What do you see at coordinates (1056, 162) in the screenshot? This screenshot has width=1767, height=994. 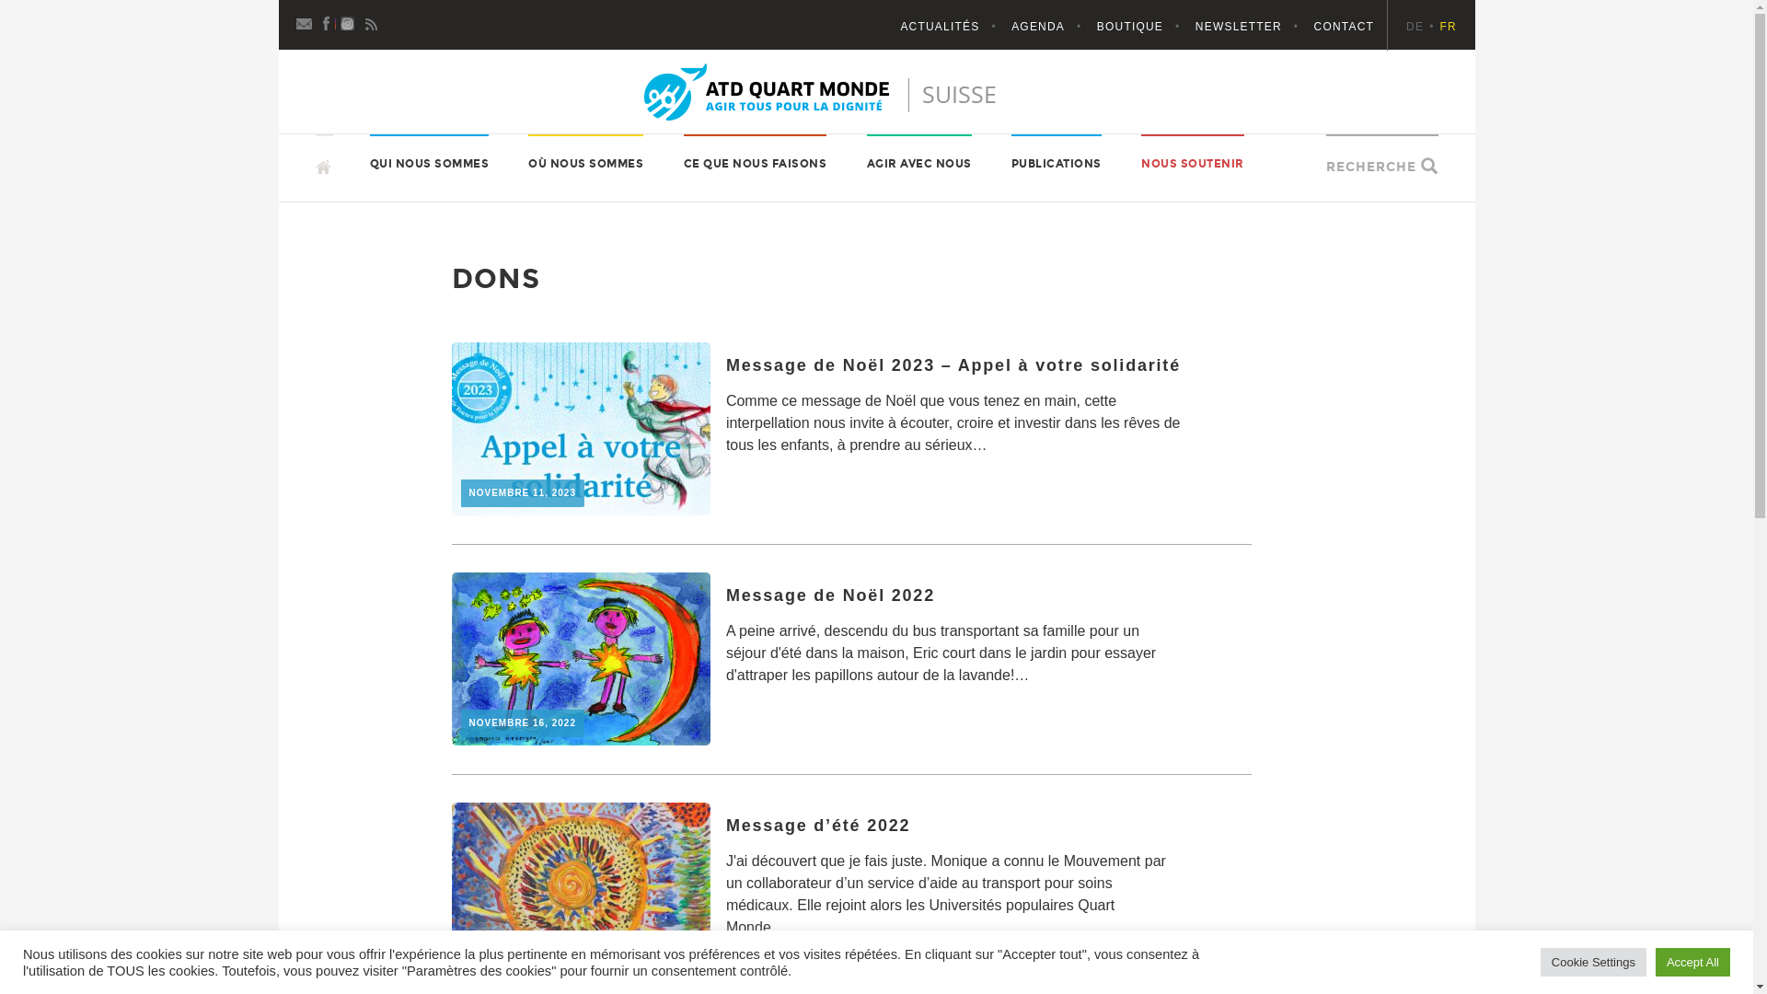 I see `'PUBLICATIONS'` at bounding box center [1056, 162].